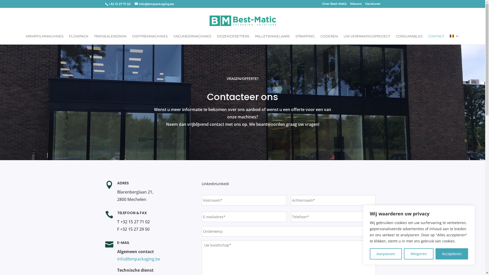  I want to click on 'VACUMEERMACHINES', so click(192, 39).